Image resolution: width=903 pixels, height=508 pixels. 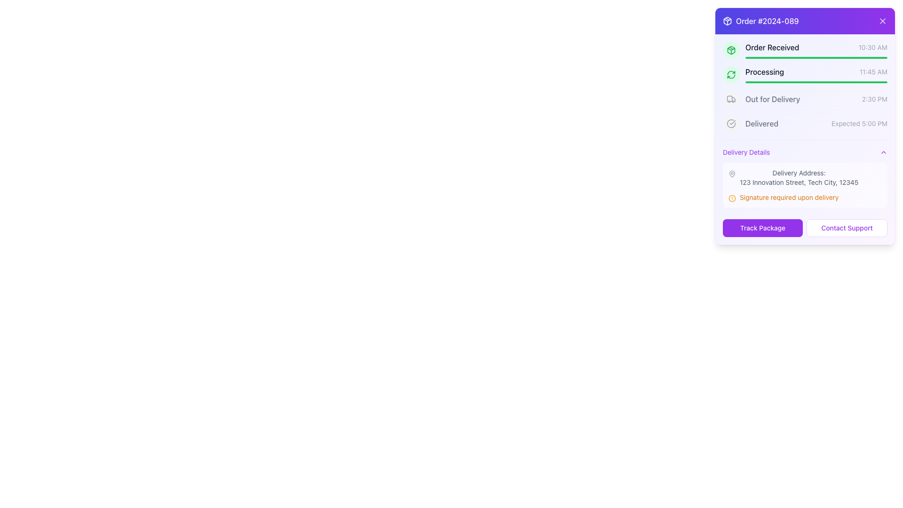 I want to click on the static text with an accompanying icon that displays the delivery address for Order #2024-089 under the 'Delivery Details' header, so click(x=805, y=178).